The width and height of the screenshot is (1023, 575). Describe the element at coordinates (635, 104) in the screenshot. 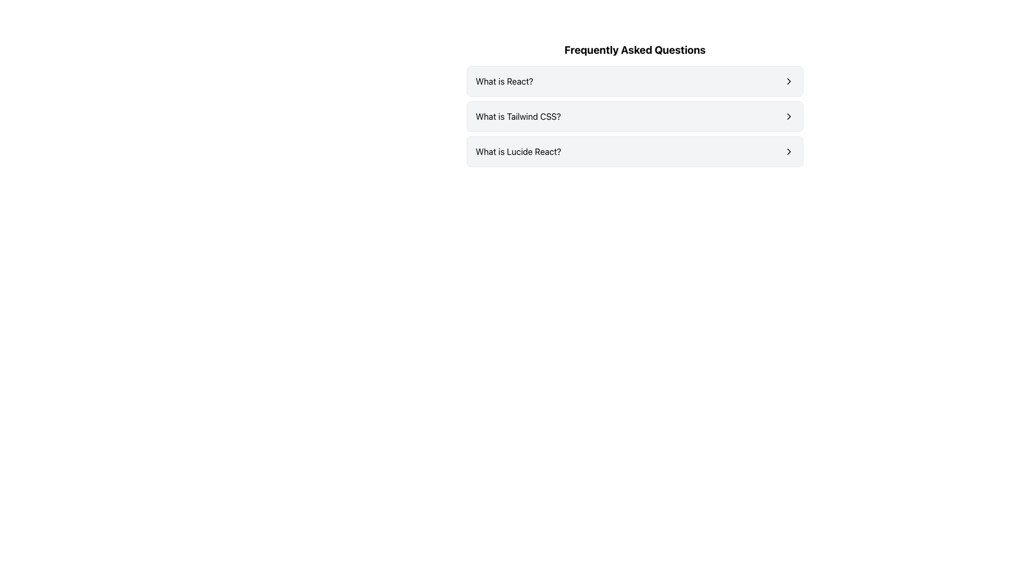

I see `the second interactive list item in the FAQ section labeled 'What is Tailwind CSS?'` at that location.